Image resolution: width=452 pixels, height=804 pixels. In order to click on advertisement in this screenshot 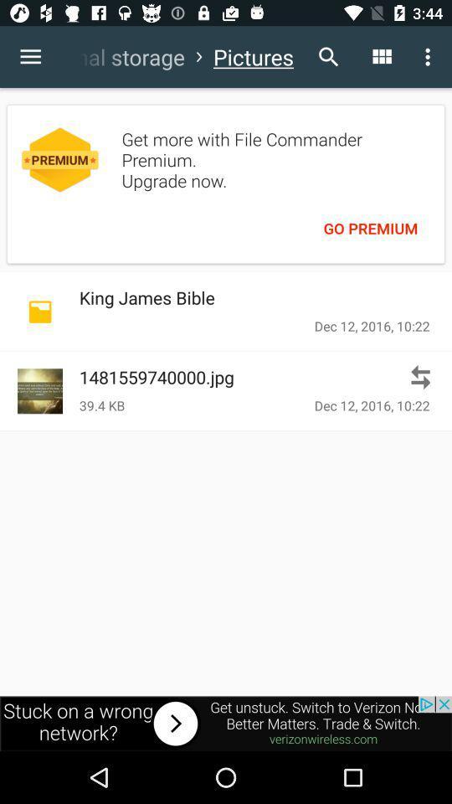, I will do `click(226, 723)`.